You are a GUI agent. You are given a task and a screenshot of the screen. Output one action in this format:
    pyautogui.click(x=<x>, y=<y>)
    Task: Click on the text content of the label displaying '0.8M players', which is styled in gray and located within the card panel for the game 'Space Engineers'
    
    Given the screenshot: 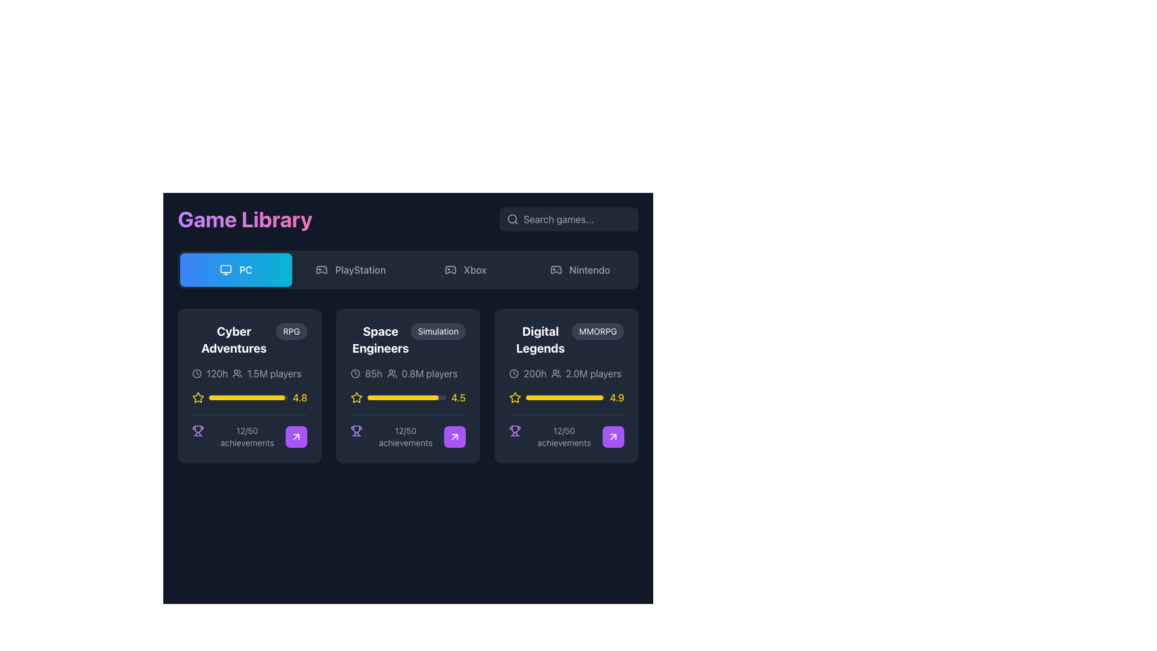 What is the action you would take?
    pyautogui.click(x=429, y=373)
    